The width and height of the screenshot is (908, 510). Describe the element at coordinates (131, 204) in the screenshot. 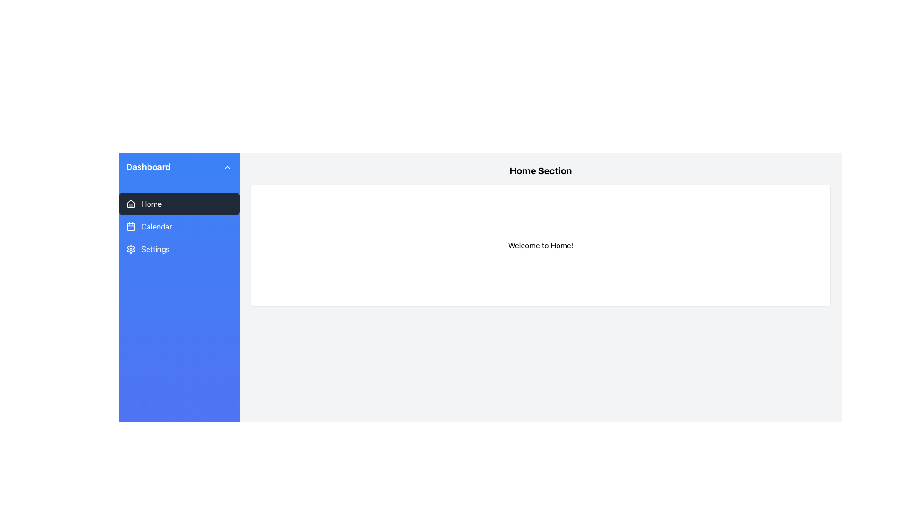

I see `the house icon located to the left of the 'Home' text in the highlighted menu item of the left navigation bar` at that location.